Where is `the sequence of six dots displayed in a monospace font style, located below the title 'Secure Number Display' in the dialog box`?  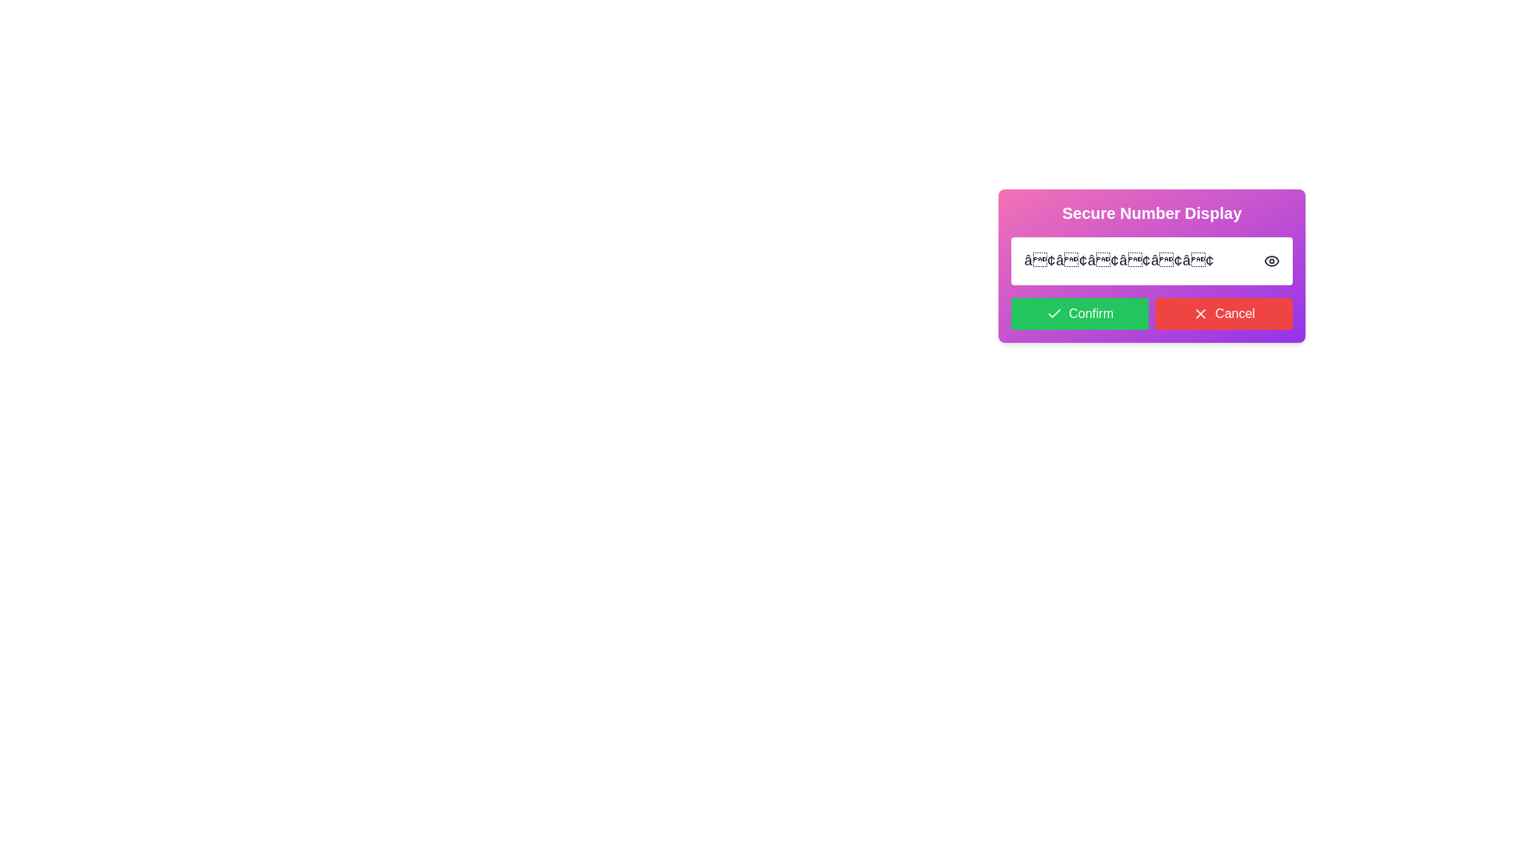
the sequence of six dots displayed in a monospace font style, located below the title 'Secure Number Display' in the dialog box is located at coordinates (1118, 260).